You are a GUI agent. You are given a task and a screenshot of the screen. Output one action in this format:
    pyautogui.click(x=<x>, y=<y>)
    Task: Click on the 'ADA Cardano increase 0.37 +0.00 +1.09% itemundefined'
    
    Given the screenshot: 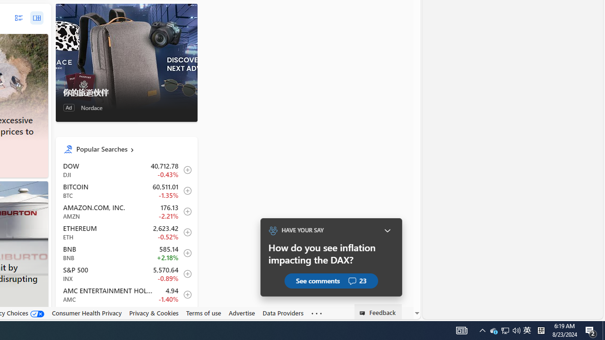 What is the action you would take?
    pyautogui.click(x=126, y=315)
    